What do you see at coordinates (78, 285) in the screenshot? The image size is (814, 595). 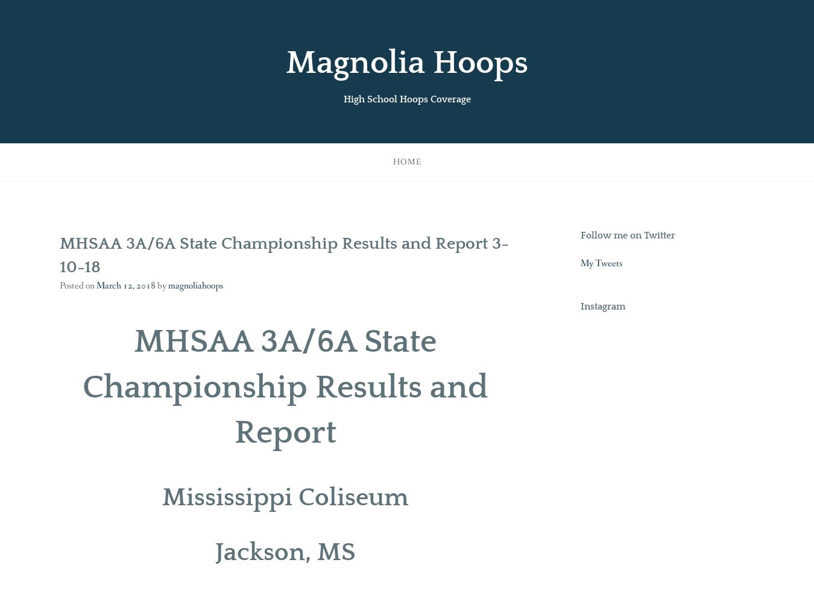 I see `'Posted on'` at bounding box center [78, 285].